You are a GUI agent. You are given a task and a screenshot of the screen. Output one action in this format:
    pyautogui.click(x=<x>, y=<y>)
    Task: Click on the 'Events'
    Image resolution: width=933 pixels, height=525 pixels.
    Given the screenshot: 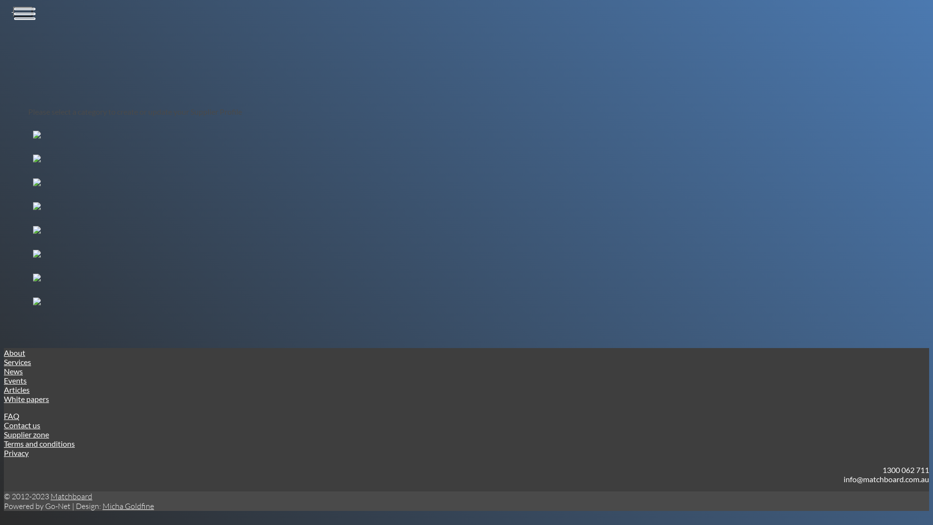 What is the action you would take?
    pyautogui.click(x=4, y=380)
    